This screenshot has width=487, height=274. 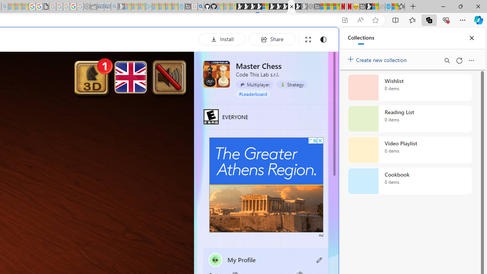 I want to click on 'Strategy', so click(x=291, y=84).